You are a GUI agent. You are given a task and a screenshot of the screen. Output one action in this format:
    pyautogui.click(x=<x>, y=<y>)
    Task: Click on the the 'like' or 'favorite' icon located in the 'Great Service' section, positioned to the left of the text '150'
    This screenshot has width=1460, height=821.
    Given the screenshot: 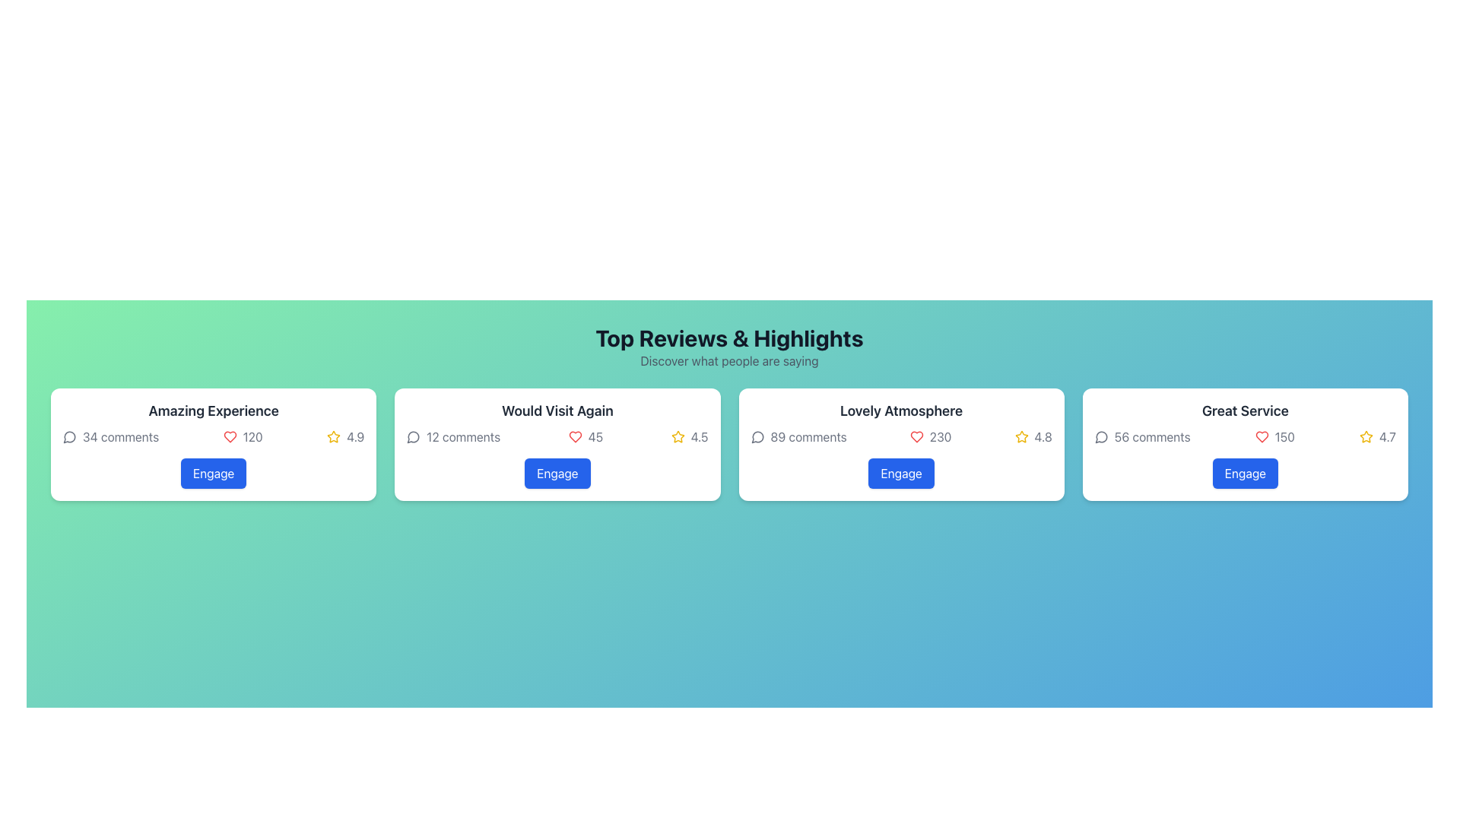 What is the action you would take?
    pyautogui.click(x=1262, y=436)
    